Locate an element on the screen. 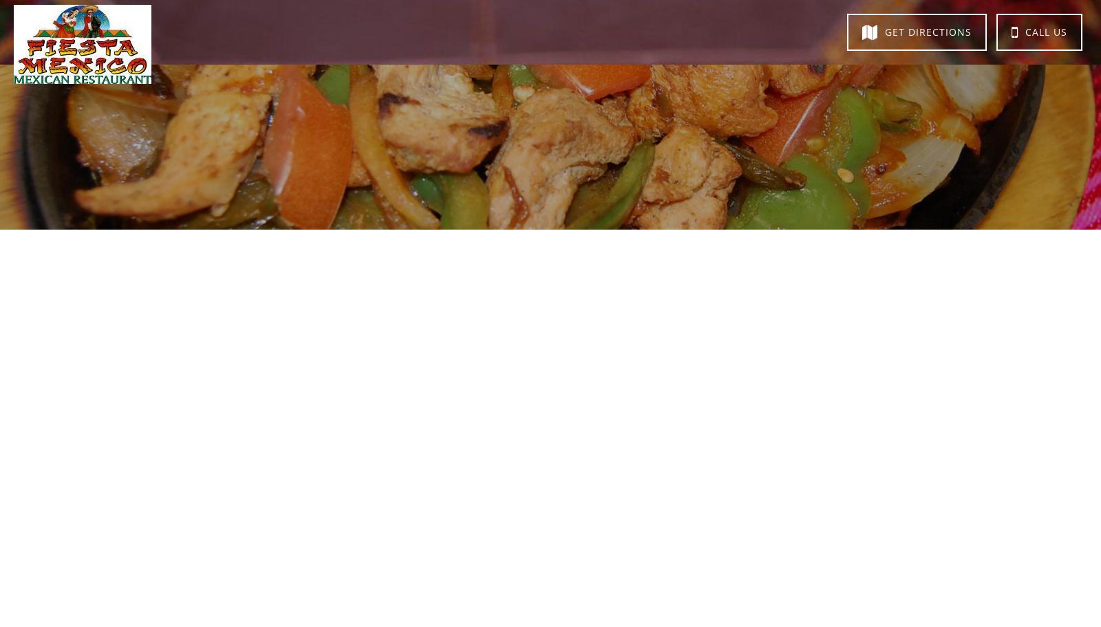  'Tortilla Chips $4.85' is located at coordinates (275, 441).